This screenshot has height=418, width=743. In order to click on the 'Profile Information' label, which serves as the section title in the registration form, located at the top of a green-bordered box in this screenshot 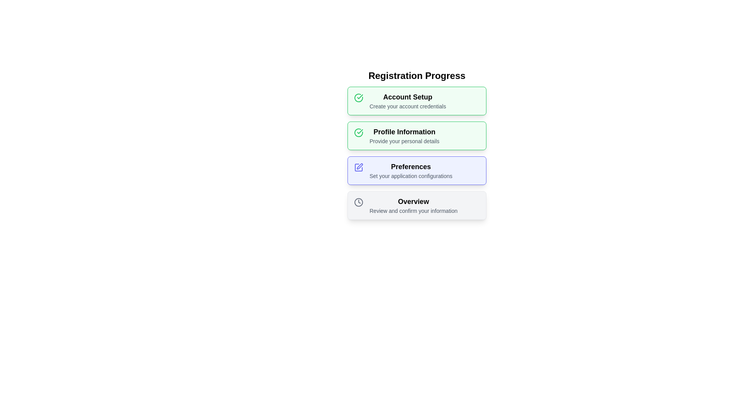, I will do `click(404, 131)`.